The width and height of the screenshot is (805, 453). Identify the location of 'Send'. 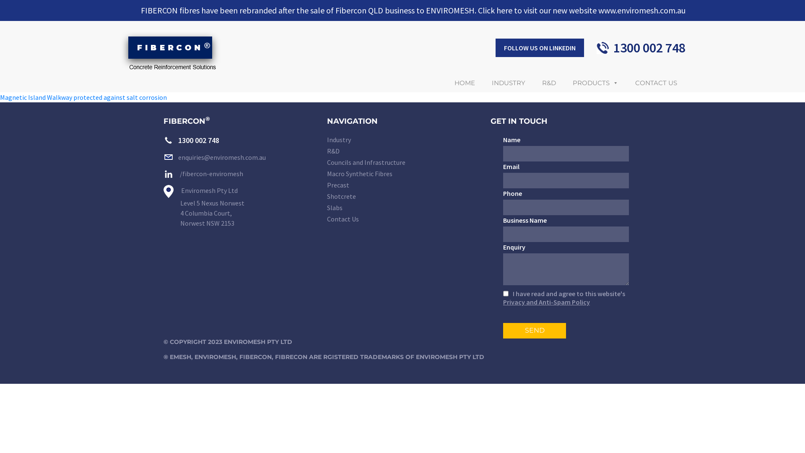
(534, 330).